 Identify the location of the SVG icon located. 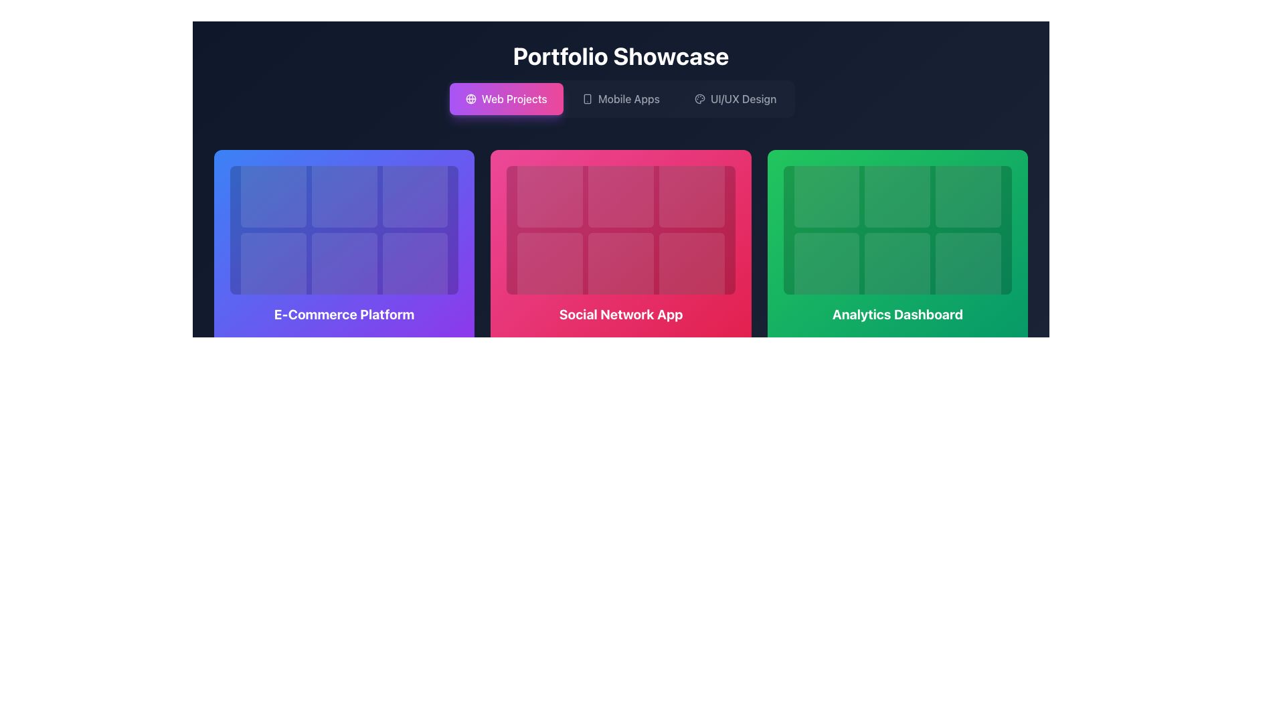
(974, 342).